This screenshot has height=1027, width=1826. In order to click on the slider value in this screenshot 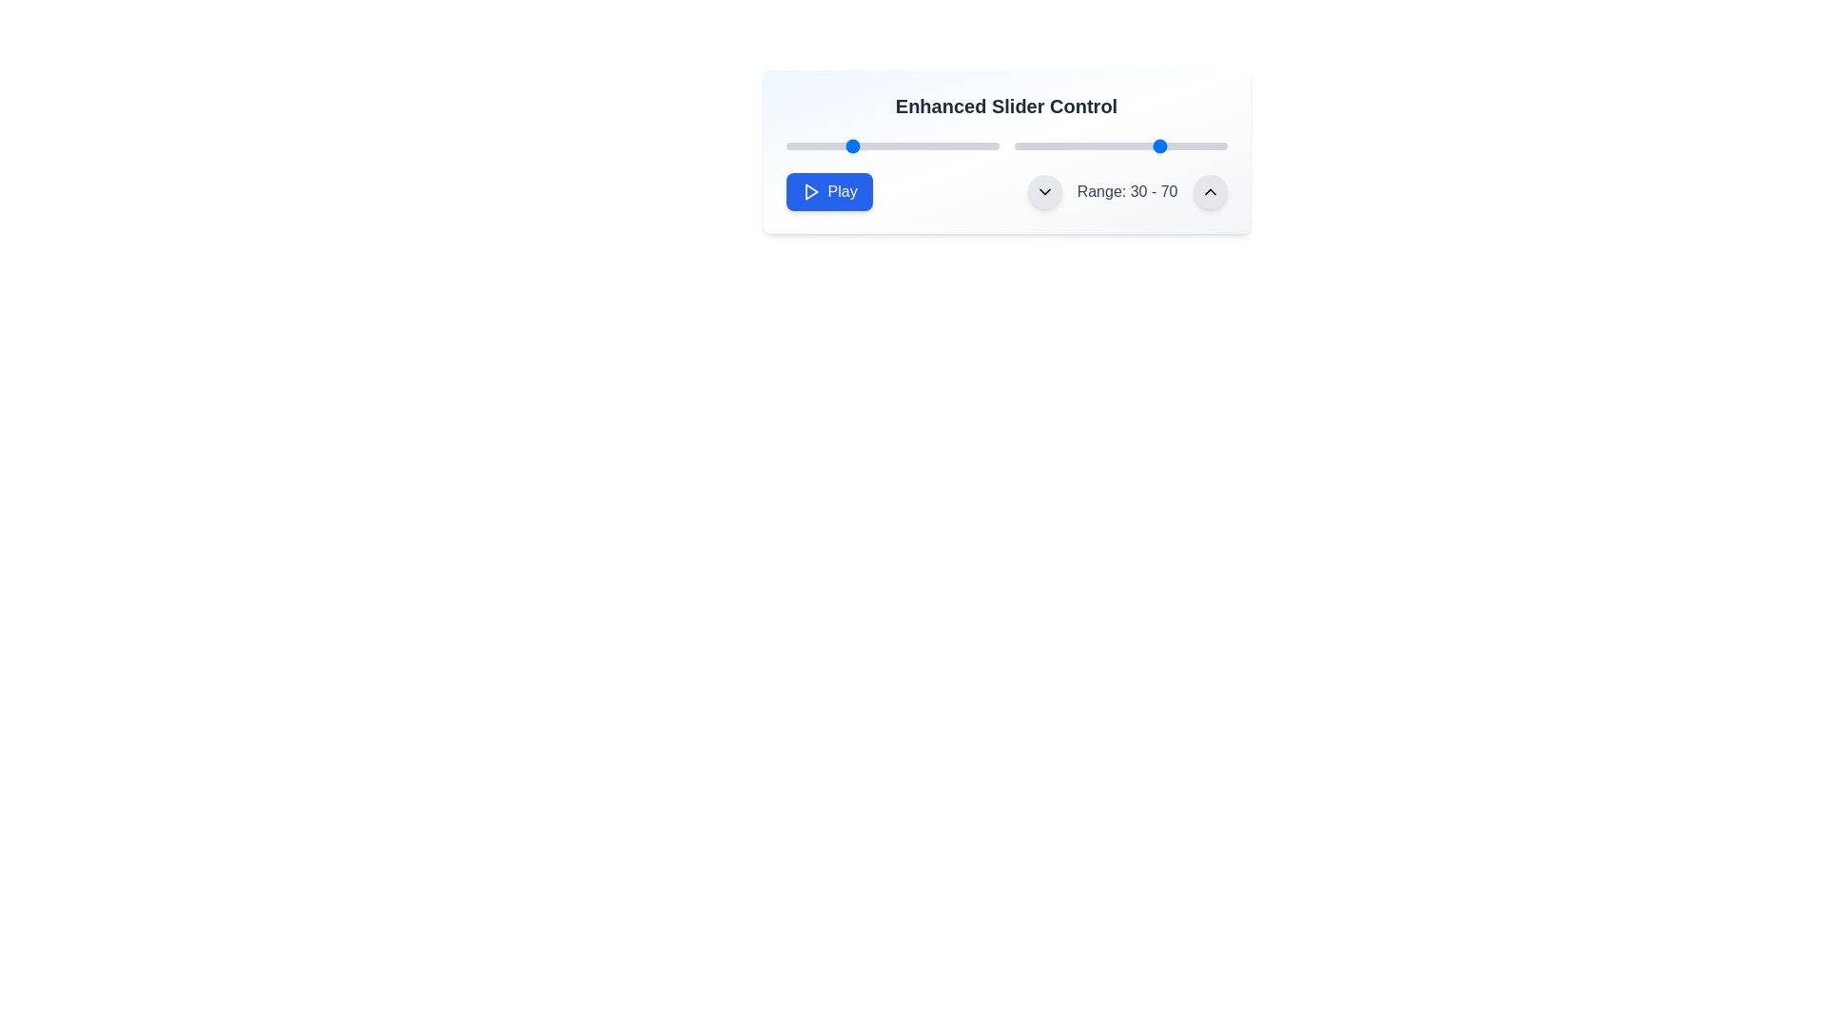, I will do `click(1110, 145)`.